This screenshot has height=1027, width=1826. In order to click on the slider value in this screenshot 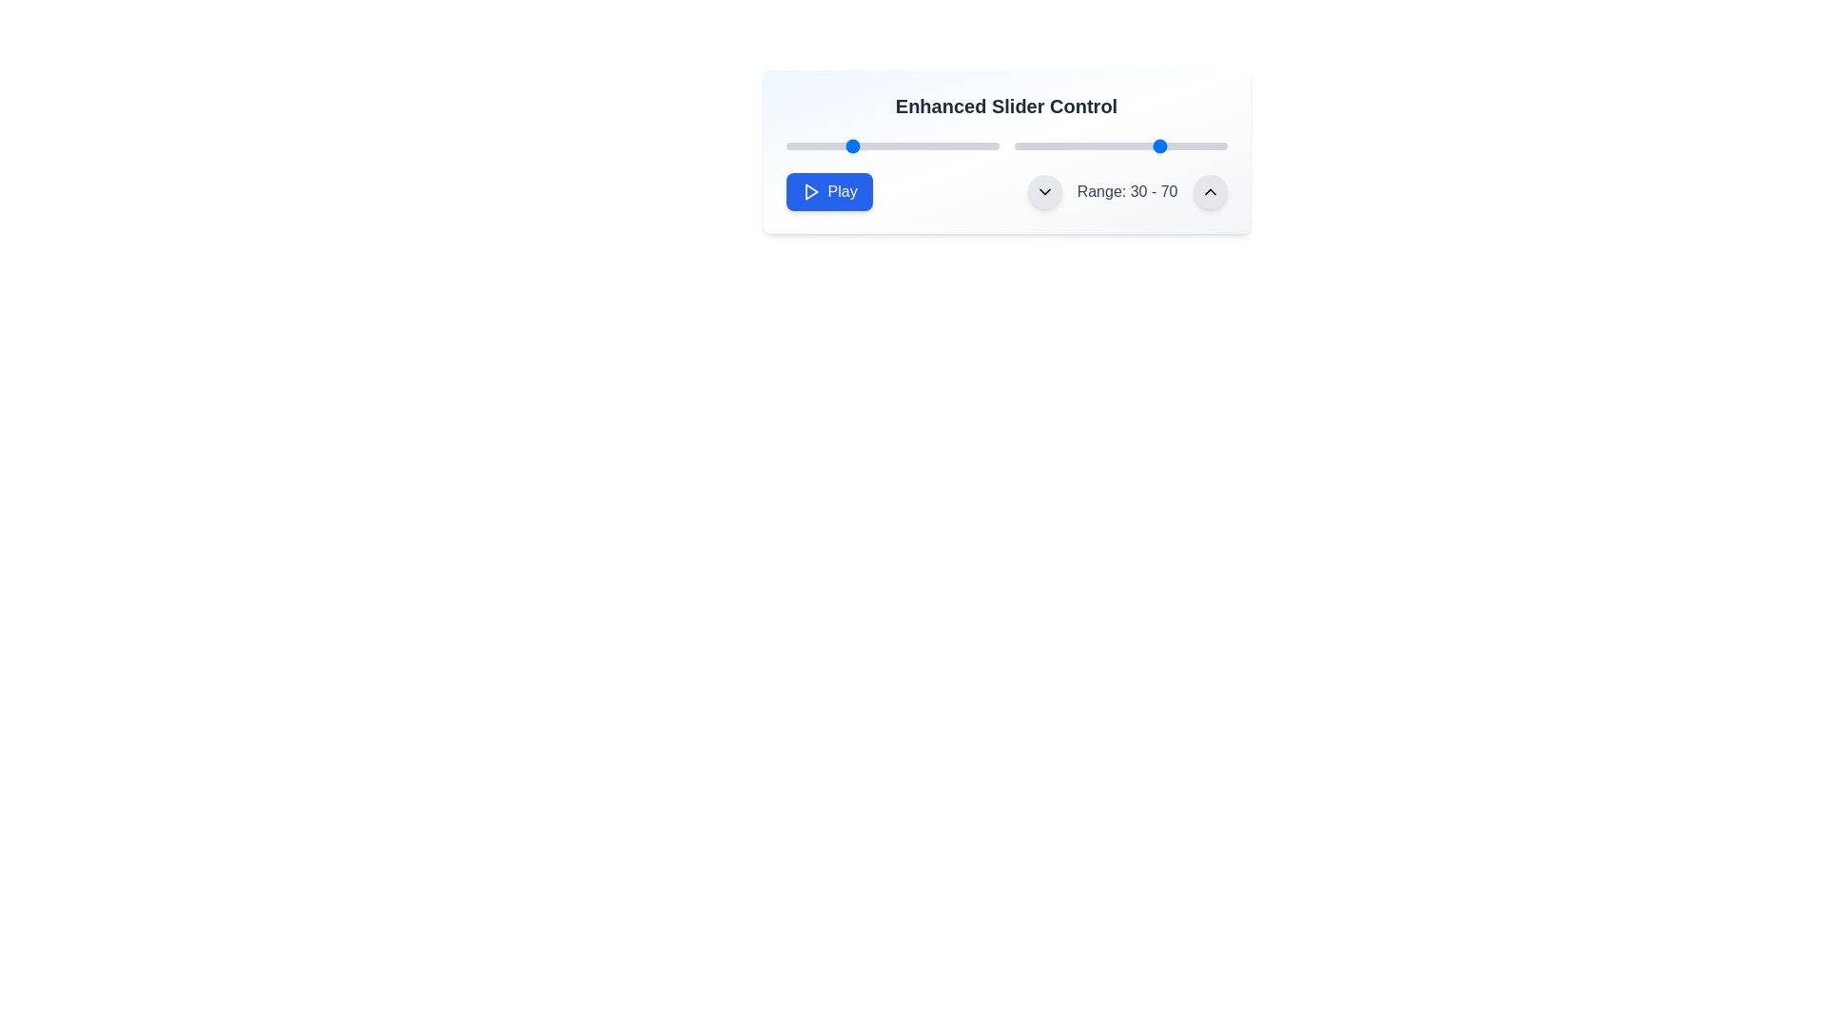, I will do `click(1110, 145)`.